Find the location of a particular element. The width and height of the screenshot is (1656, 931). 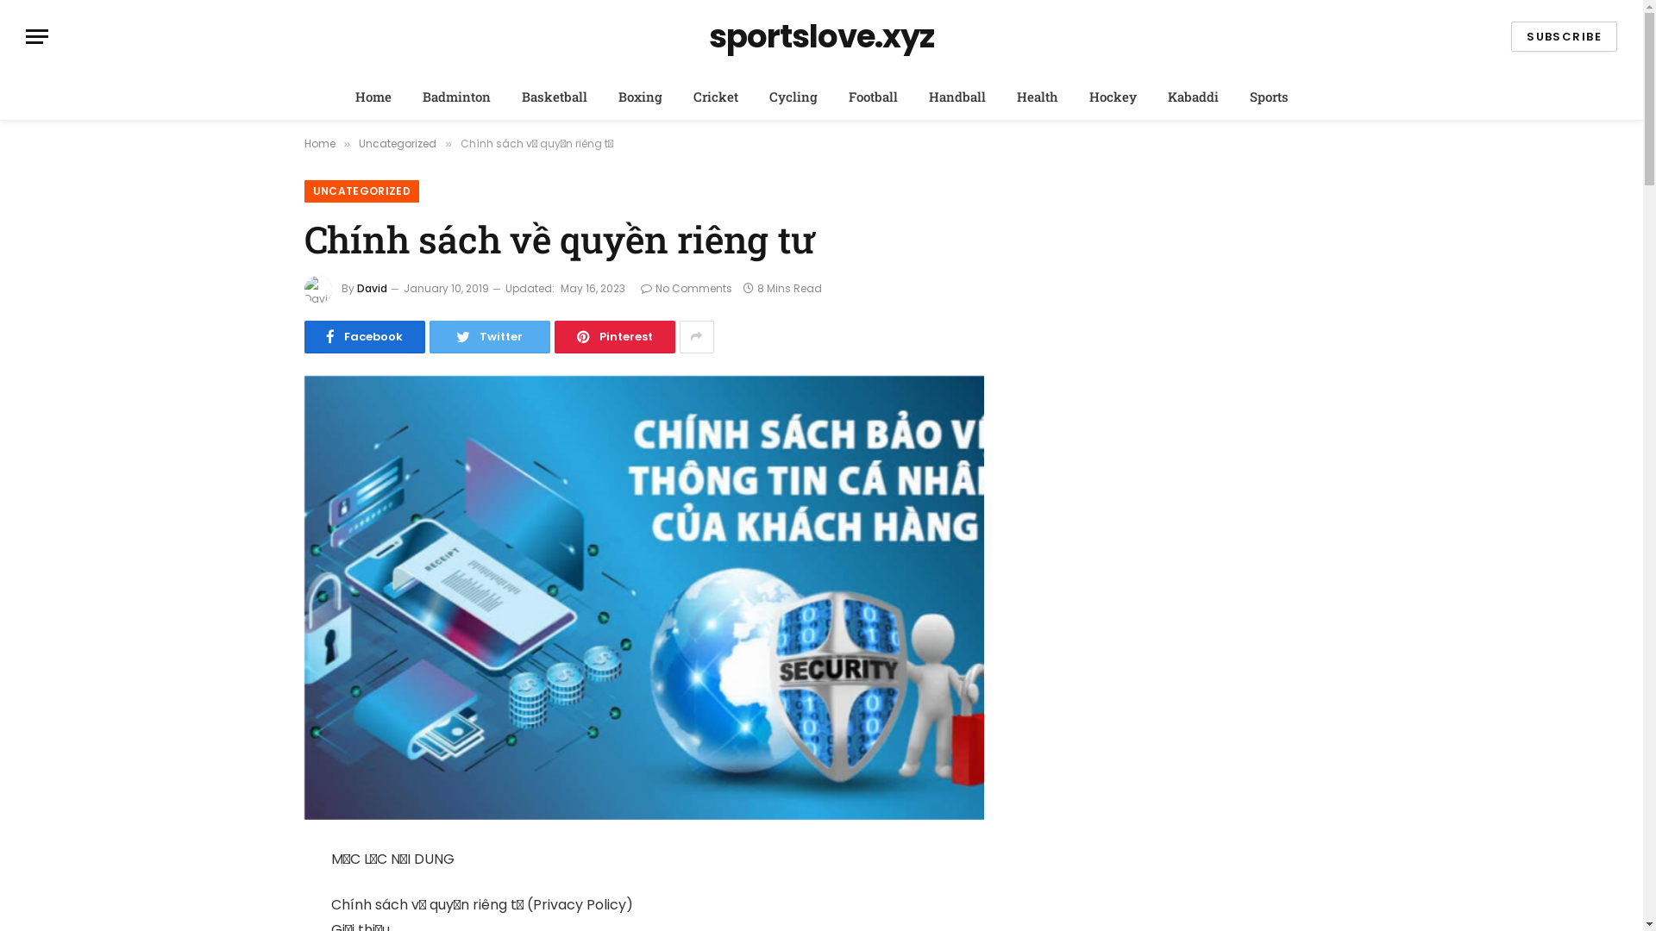

'Boxing' is located at coordinates (638, 96).